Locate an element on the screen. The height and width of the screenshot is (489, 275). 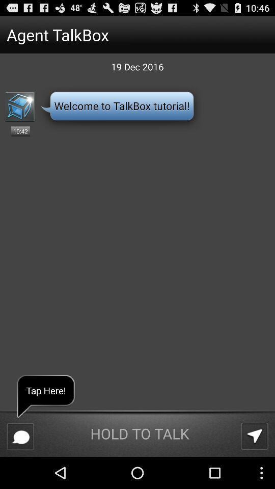
item at the bottom right corner is located at coordinates (254, 436).